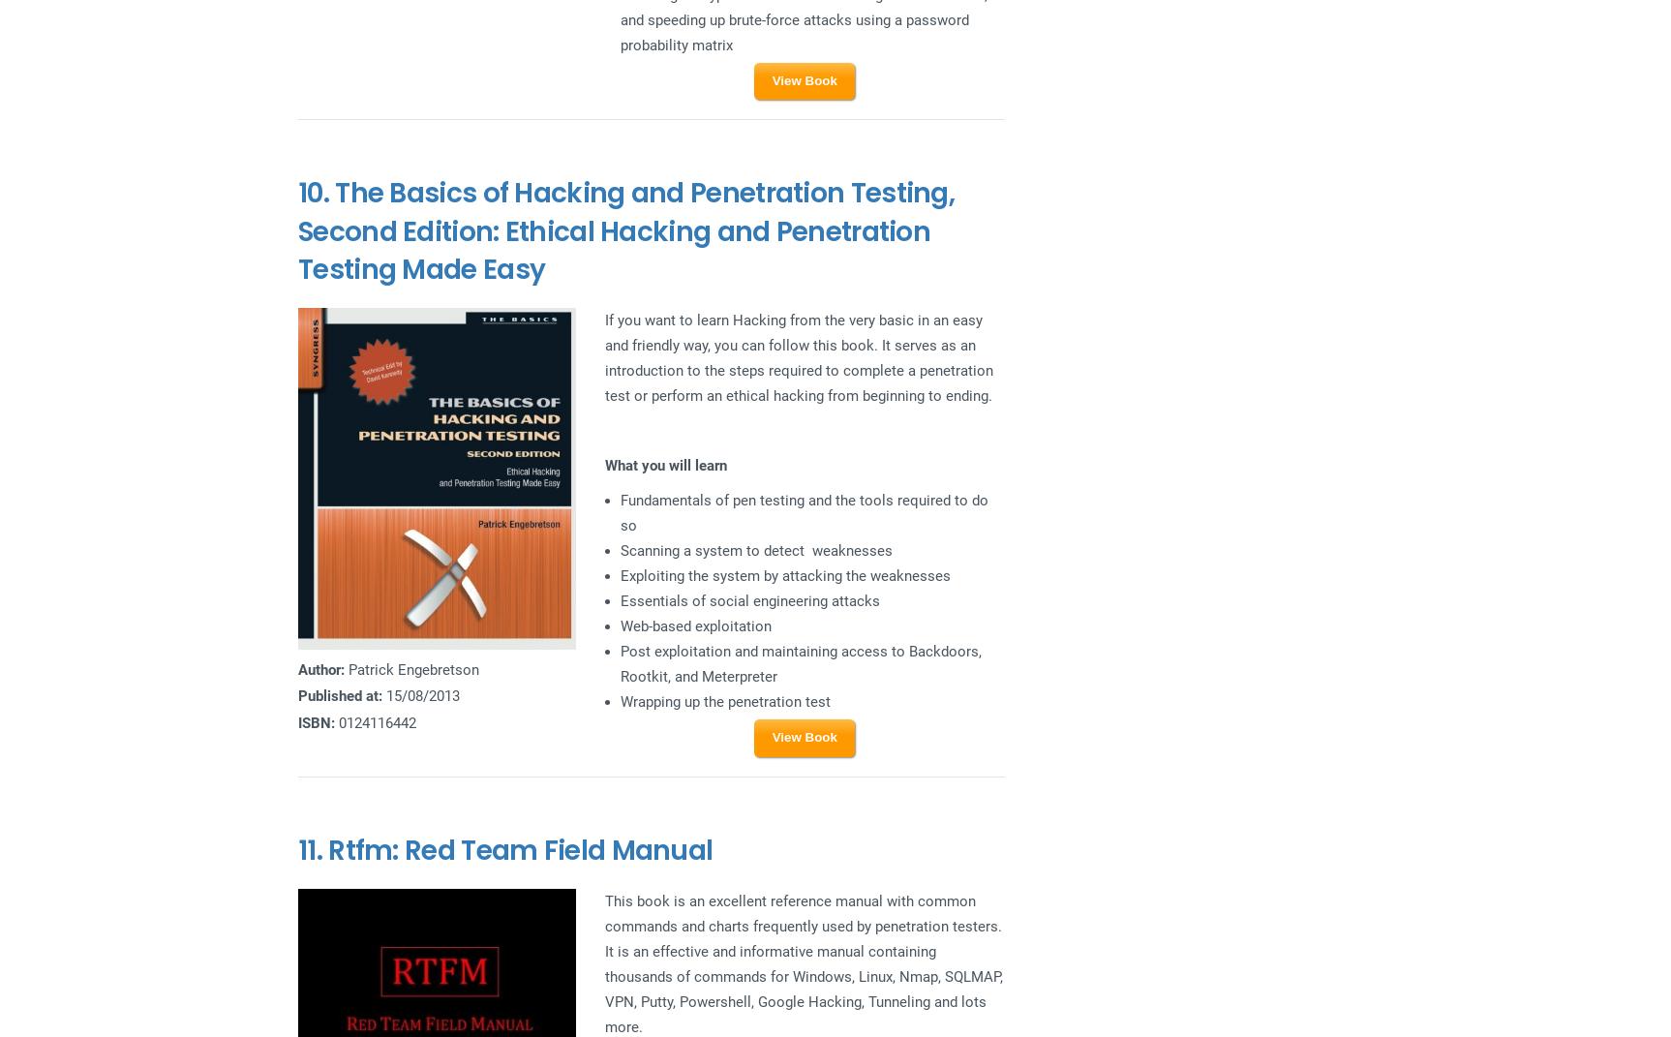 The width and height of the screenshot is (1671, 1037). I want to click on 'What you will learn', so click(663, 464).